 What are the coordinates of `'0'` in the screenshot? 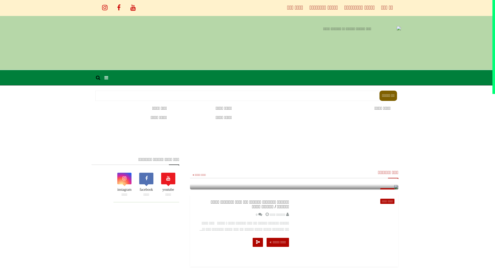 It's located at (256, 214).